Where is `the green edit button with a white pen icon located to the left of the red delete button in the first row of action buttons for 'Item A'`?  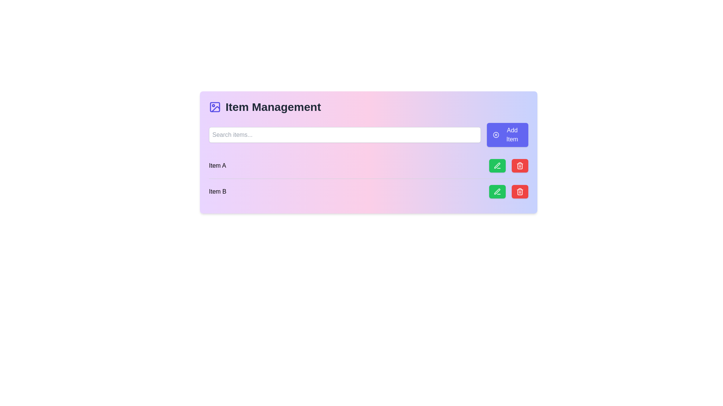
the green edit button with a white pen icon located to the left of the red delete button in the first row of action buttons for 'Item A' is located at coordinates (497, 165).